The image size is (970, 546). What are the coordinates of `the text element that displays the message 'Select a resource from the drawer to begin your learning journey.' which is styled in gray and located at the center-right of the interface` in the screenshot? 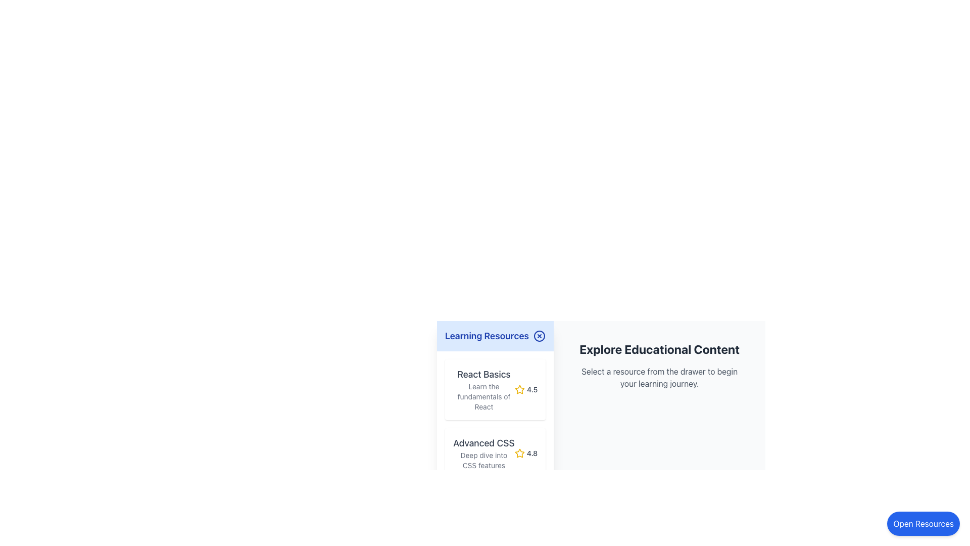 It's located at (659, 378).